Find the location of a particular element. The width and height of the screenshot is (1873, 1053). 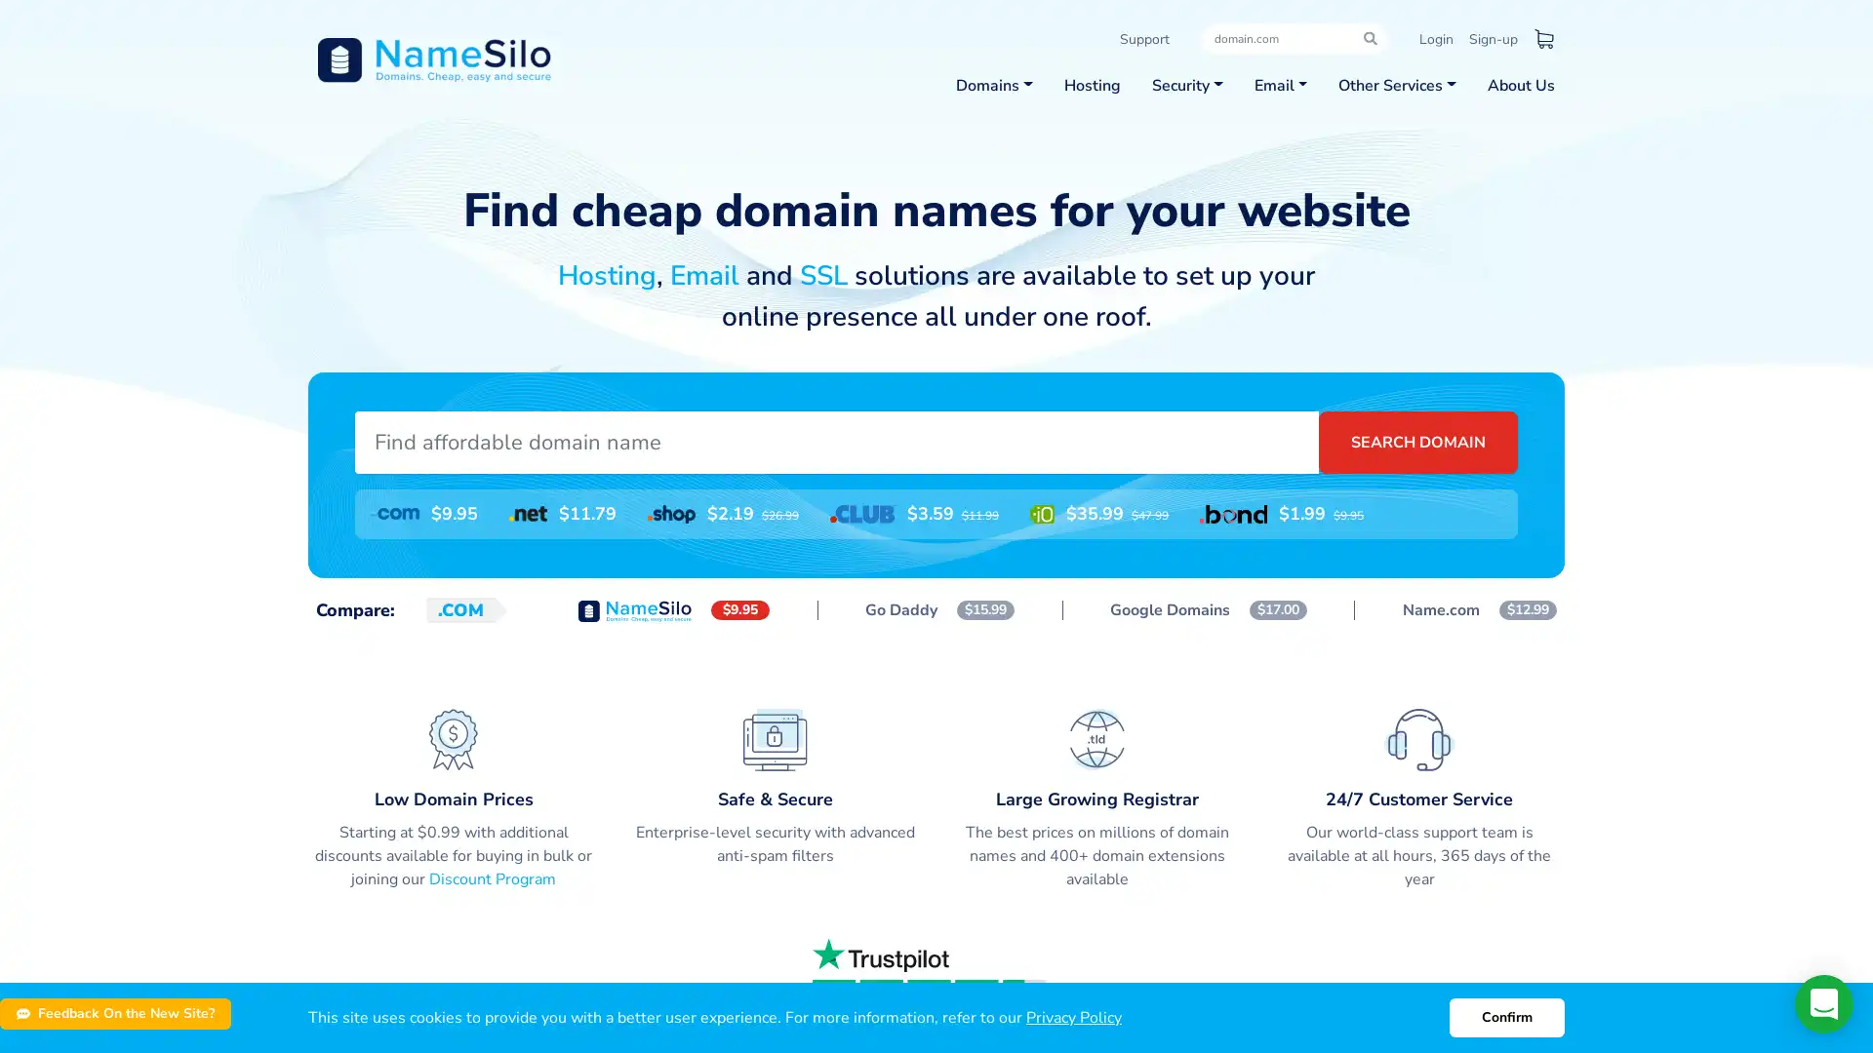

Open Intercom Messenger is located at coordinates (1823, 1003).